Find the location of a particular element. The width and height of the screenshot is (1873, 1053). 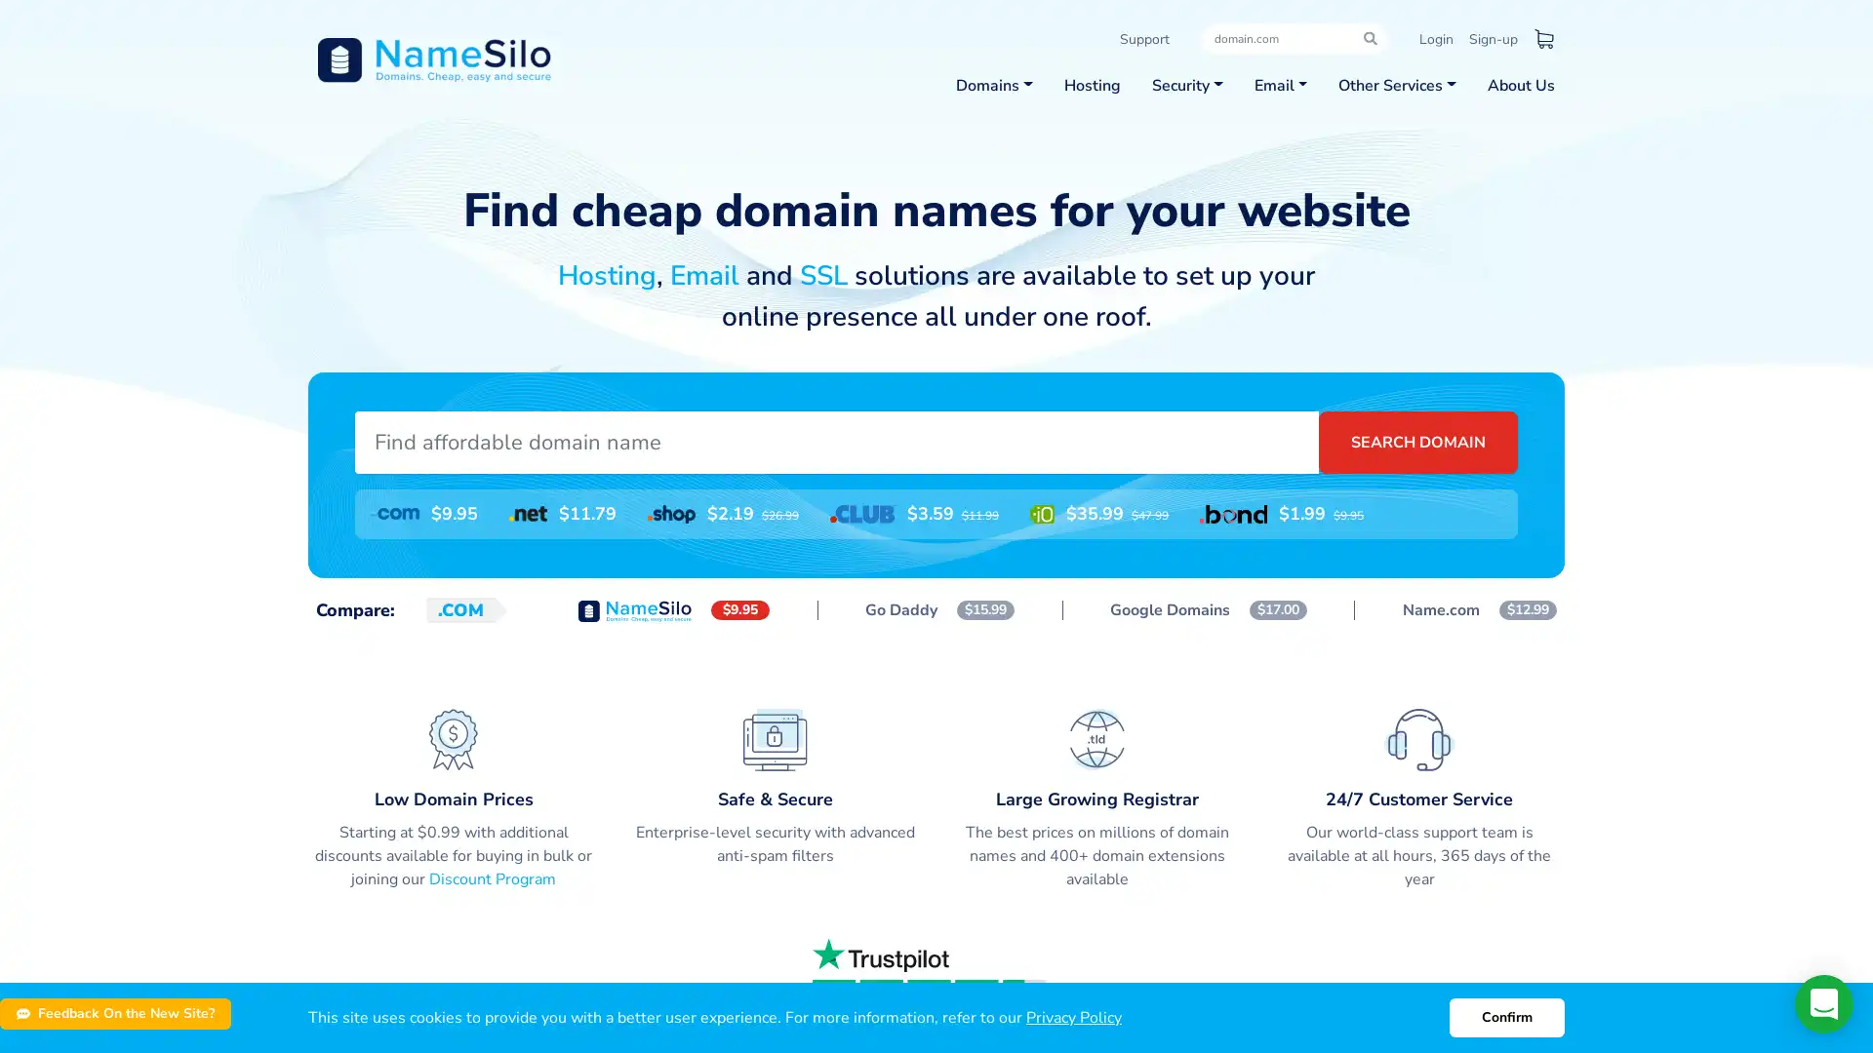

Open Intercom Messenger is located at coordinates (1823, 1003).